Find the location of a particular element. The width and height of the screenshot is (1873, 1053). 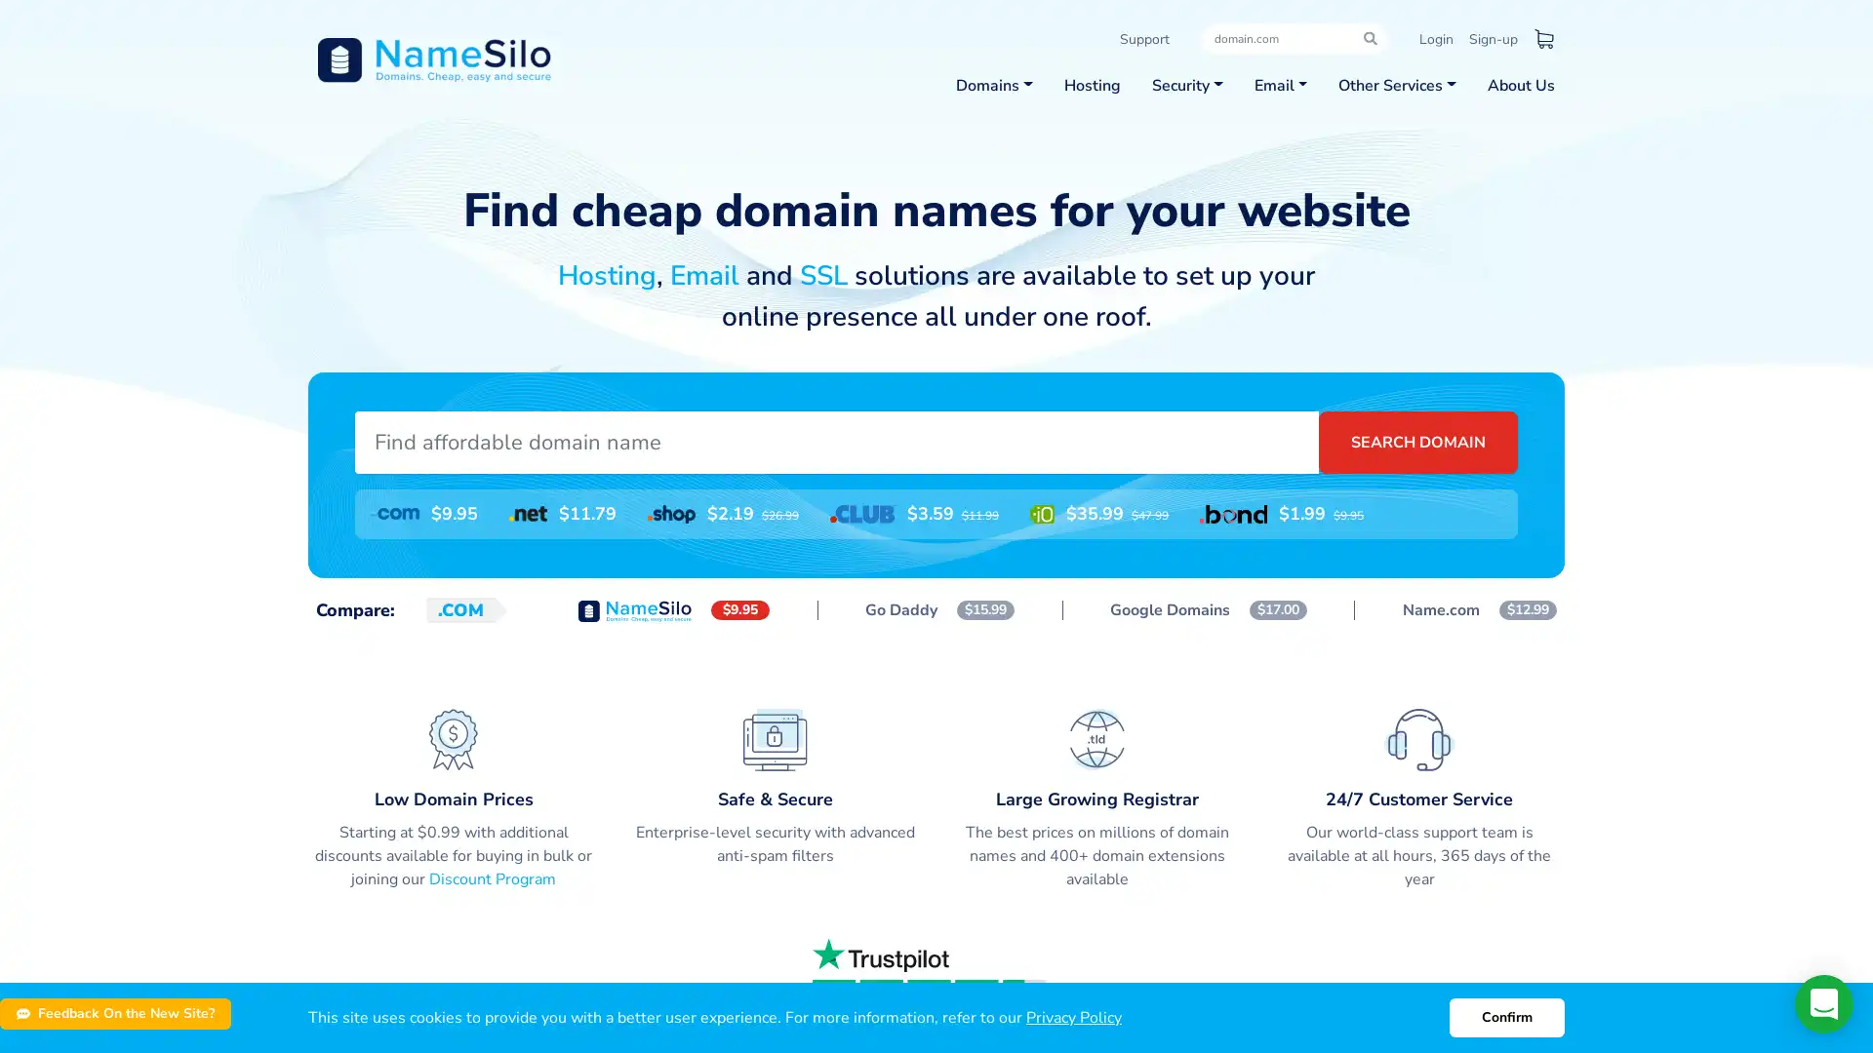

Open Intercom Messenger is located at coordinates (1823, 1003).